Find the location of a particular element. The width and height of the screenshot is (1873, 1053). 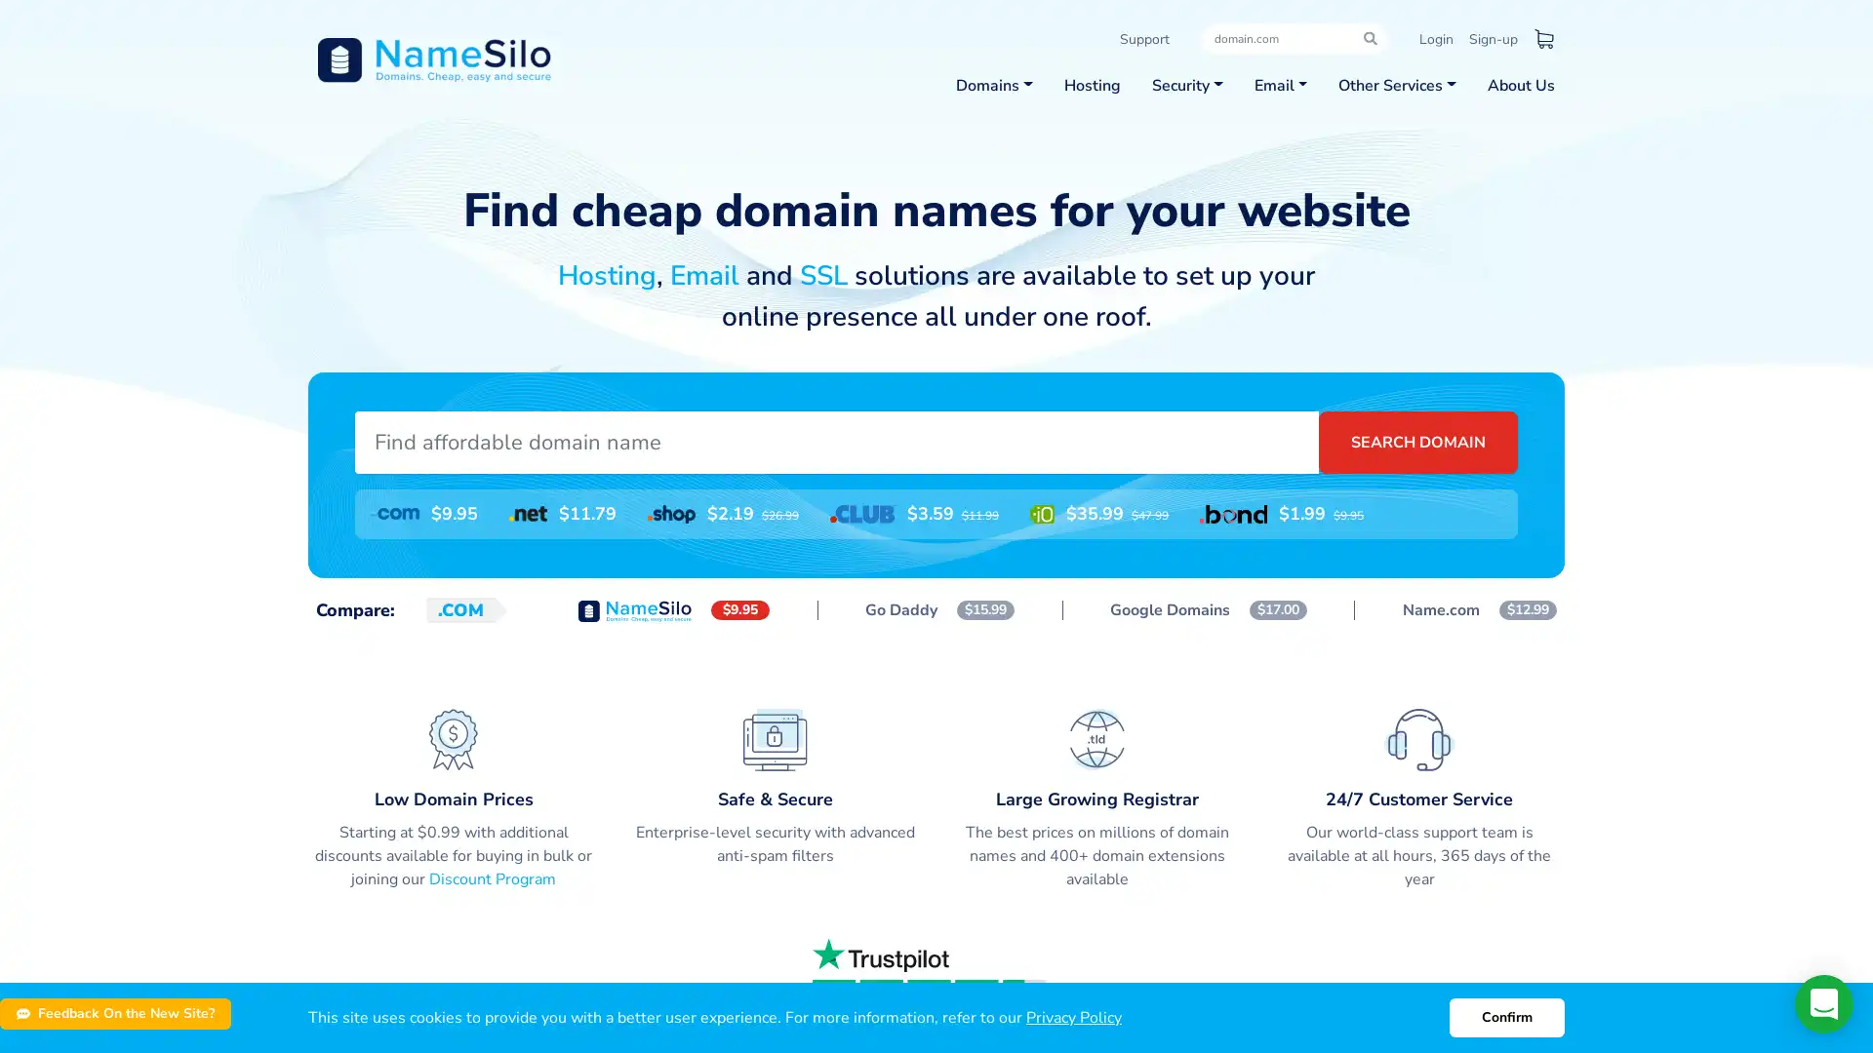

Open Intercom Messenger is located at coordinates (1823, 1003).